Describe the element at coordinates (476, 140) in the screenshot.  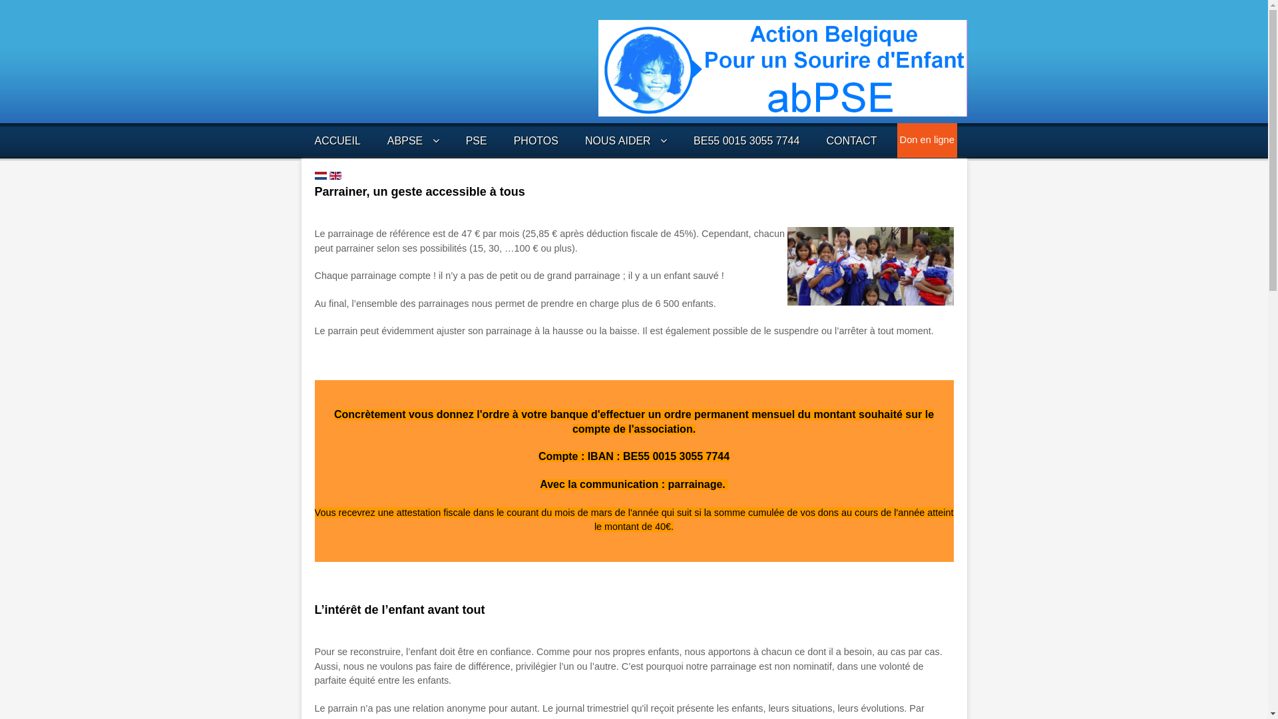
I see `'PSE'` at that location.